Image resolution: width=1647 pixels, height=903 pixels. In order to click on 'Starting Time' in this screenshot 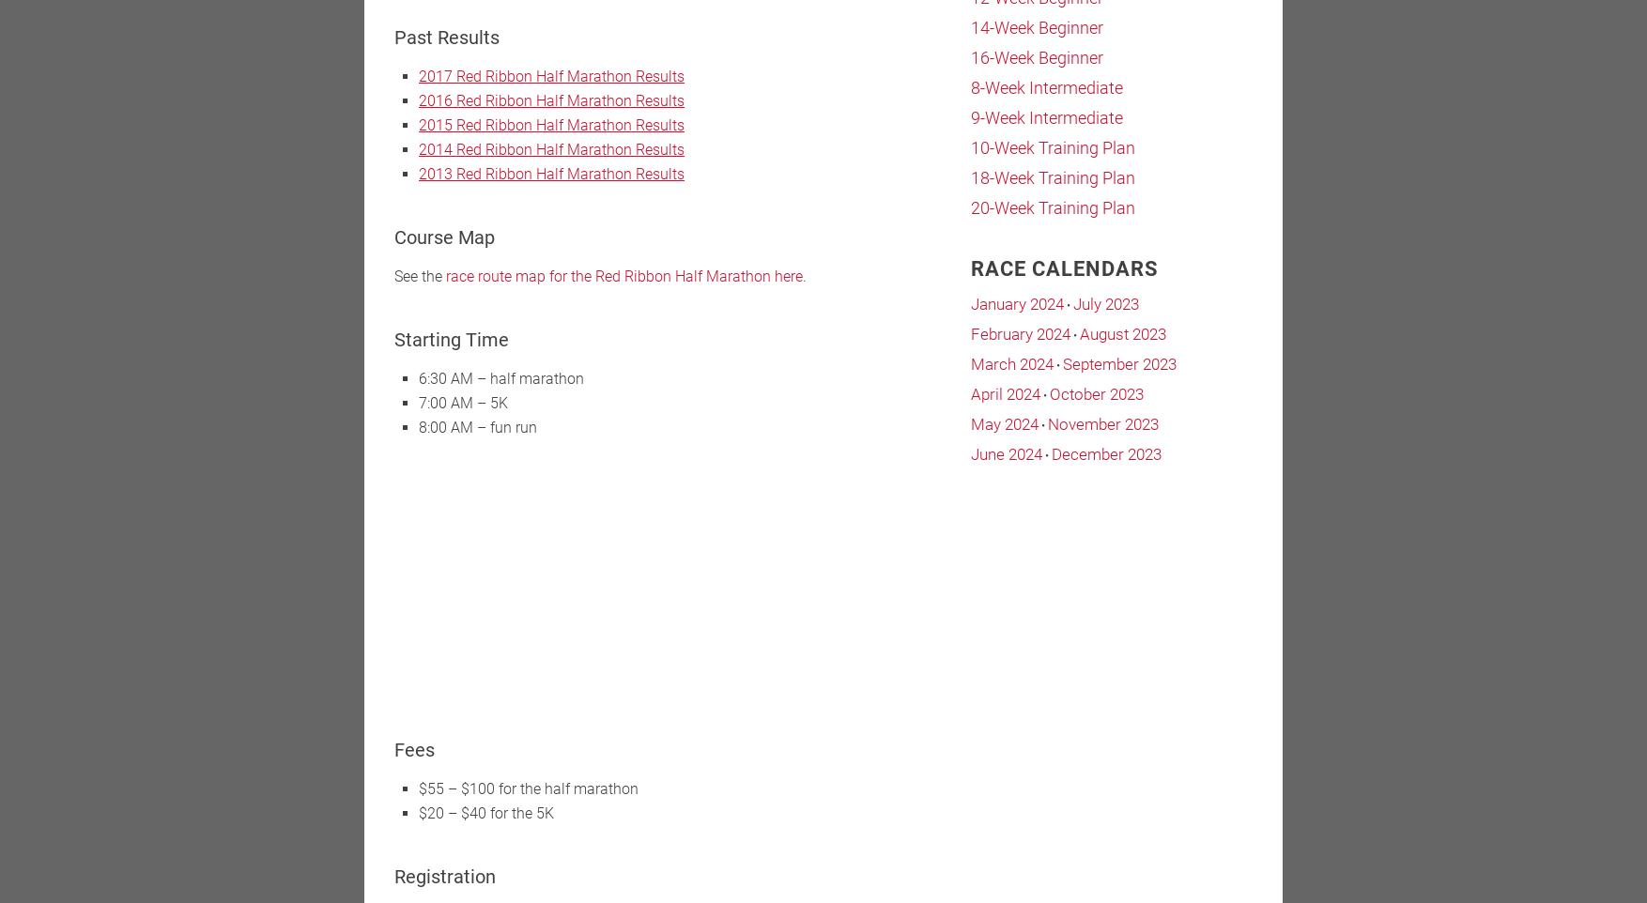, I will do `click(394, 340)`.